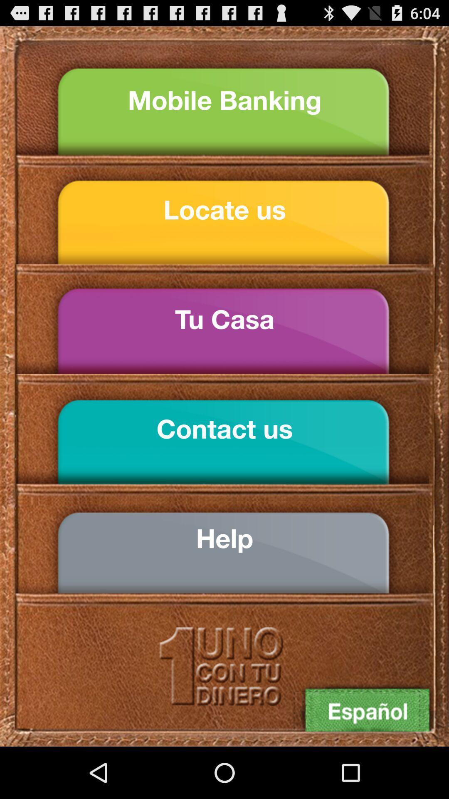 The height and width of the screenshot is (799, 449). What do you see at coordinates (224, 210) in the screenshot?
I see `locate us icon` at bounding box center [224, 210].